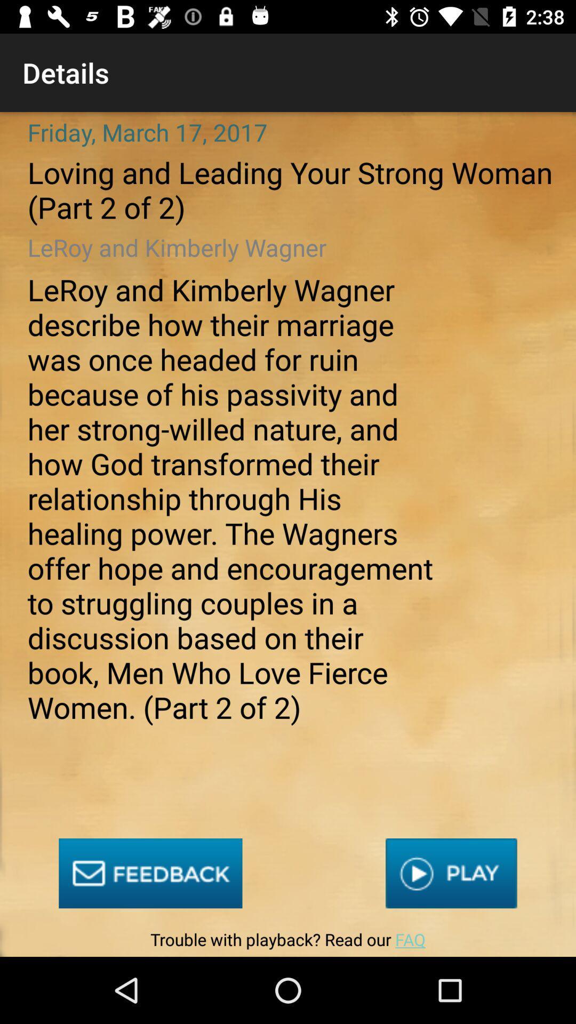 Image resolution: width=576 pixels, height=1024 pixels. Describe the element at coordinates (150, 873) in the screenshot. I see `item below leroy and kimberly` at that location.